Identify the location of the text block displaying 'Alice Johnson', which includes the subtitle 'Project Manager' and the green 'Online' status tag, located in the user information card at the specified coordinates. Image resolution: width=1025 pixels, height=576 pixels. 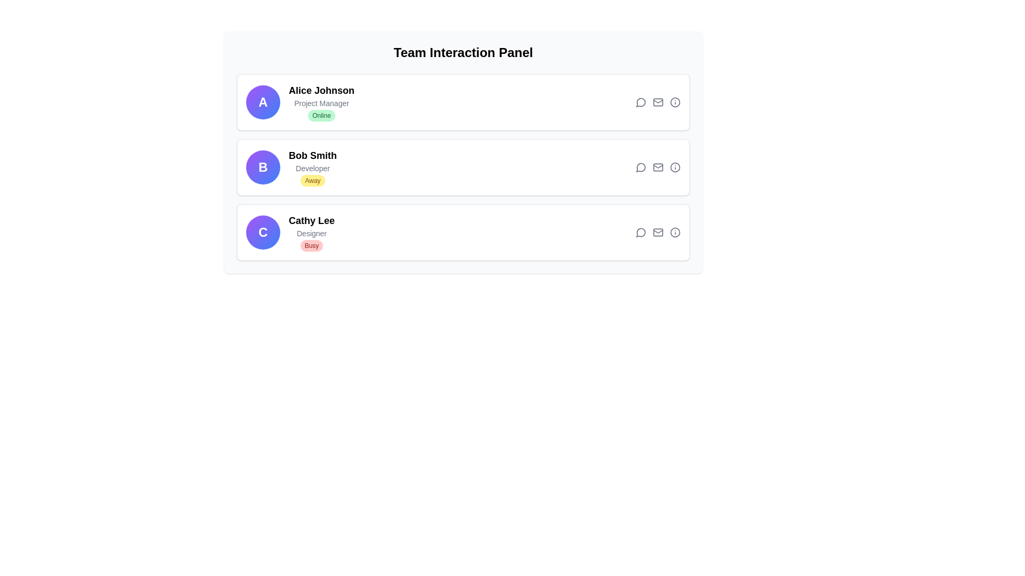
(321, 102).